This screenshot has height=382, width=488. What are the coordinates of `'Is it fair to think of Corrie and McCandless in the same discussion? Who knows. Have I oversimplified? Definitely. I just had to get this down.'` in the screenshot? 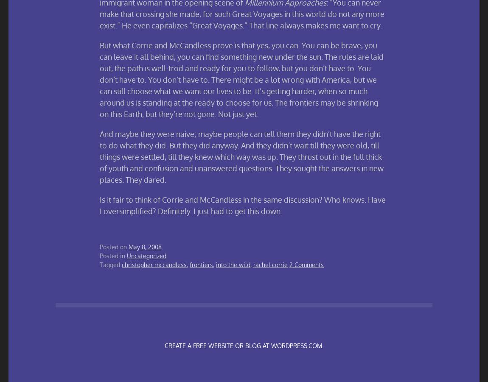 It's located at (99, 205).